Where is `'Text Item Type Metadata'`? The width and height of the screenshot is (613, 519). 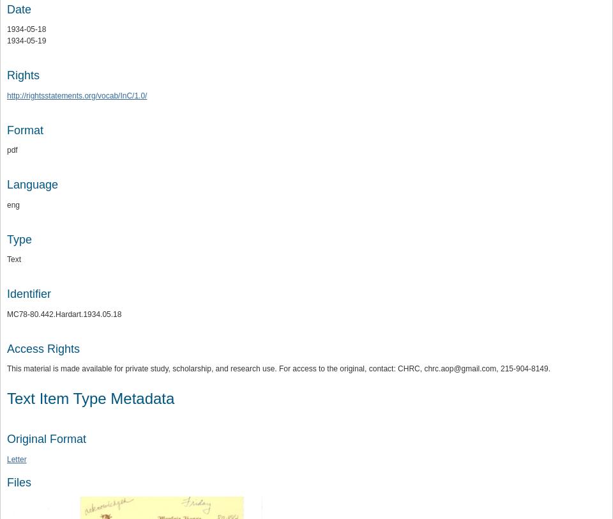
'Text Item Type Metadata' is located at coordinates (6, 398).